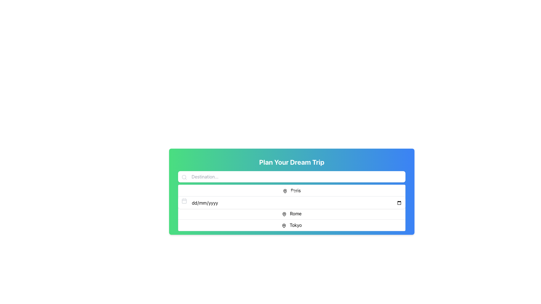  Describe the element at coordinates (285, 191) in the screenshot. I see `the geographical marker icon that indicates the location of 'Paris', which is positioned to the left of the text label` at that location.